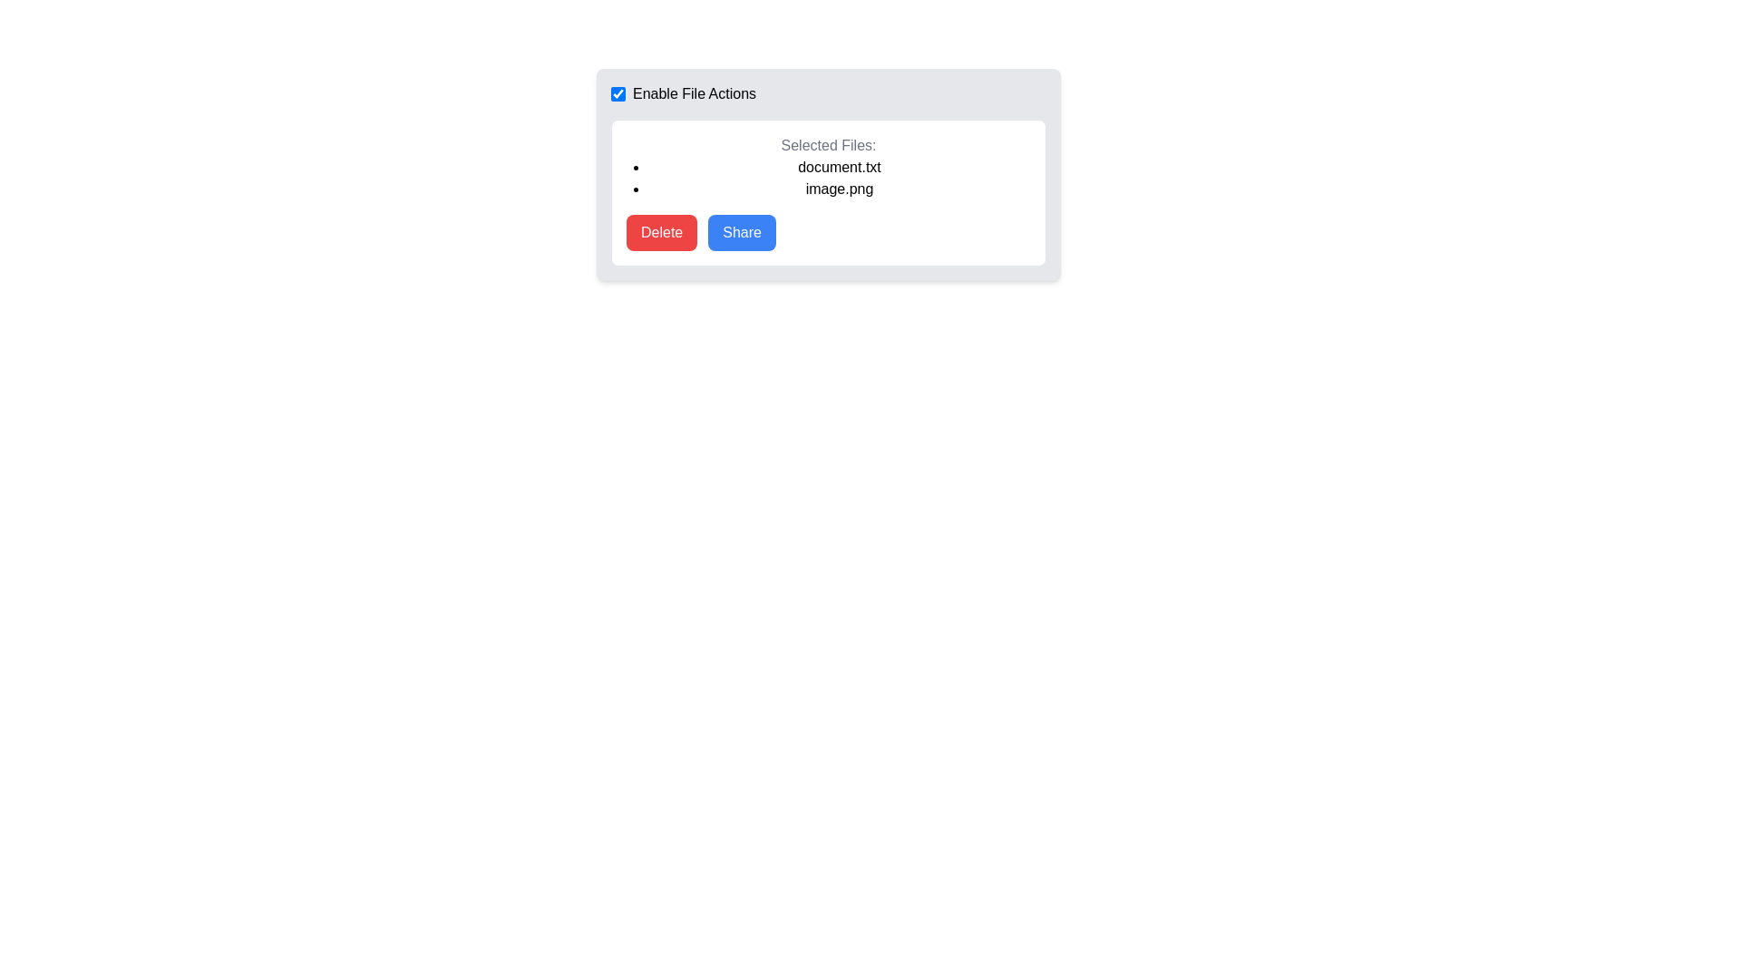 The width and height of the screenshot is (1741, 979). What do you see at coordinates (618, 94) in the screenshot?
I see `the checkbox located in the upper left corner of the rectangular panel that has a blue outline and is aligned to the left of the text 'Enable File Actions.'` at bounding box center [618, 94].